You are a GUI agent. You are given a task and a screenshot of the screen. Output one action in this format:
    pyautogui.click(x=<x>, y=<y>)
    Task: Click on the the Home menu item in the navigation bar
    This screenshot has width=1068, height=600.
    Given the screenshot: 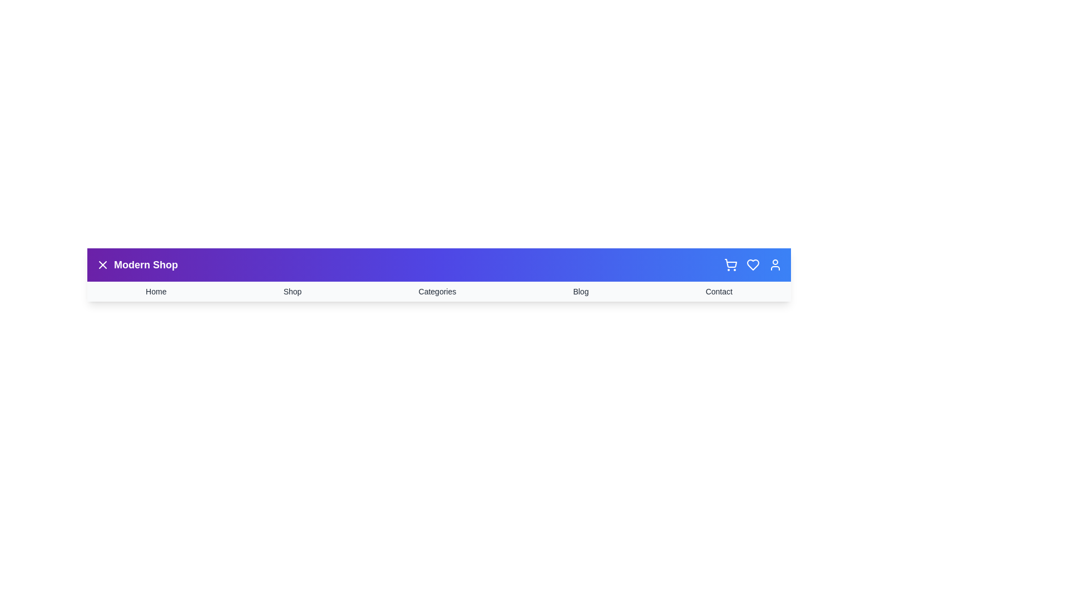 What is the action you would take?
    pyautogui.click(x=155, y=291)
    